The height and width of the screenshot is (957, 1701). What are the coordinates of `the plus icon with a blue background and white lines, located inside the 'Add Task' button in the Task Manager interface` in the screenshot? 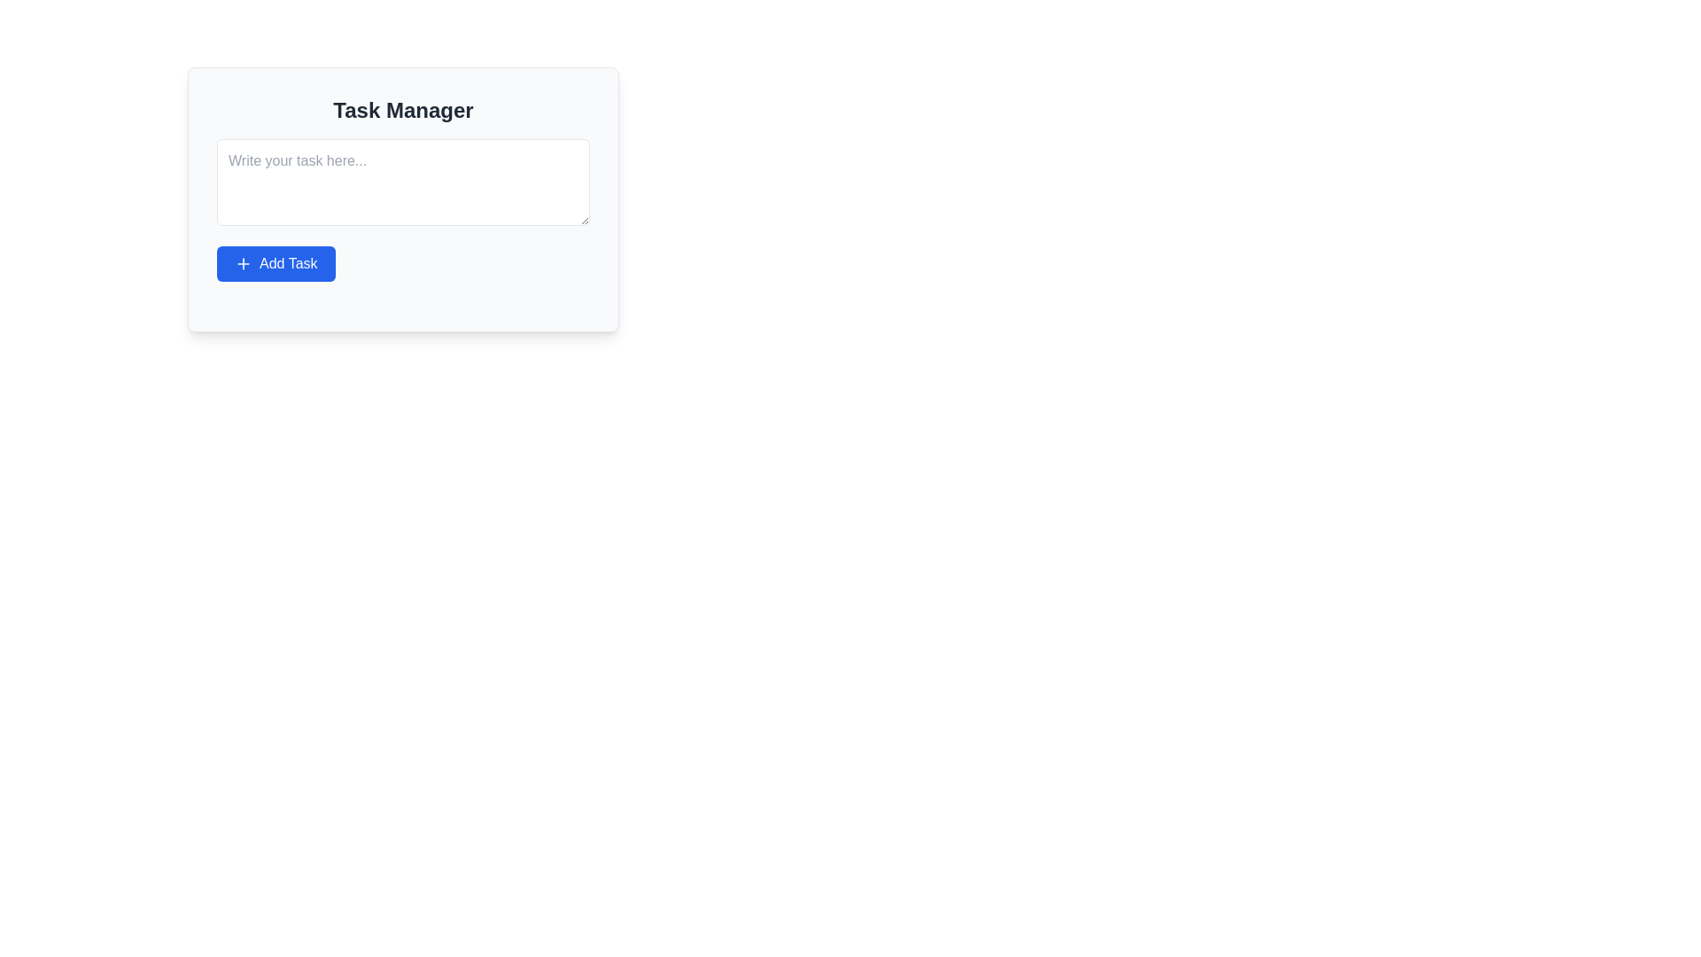 It's located at (242, 263).